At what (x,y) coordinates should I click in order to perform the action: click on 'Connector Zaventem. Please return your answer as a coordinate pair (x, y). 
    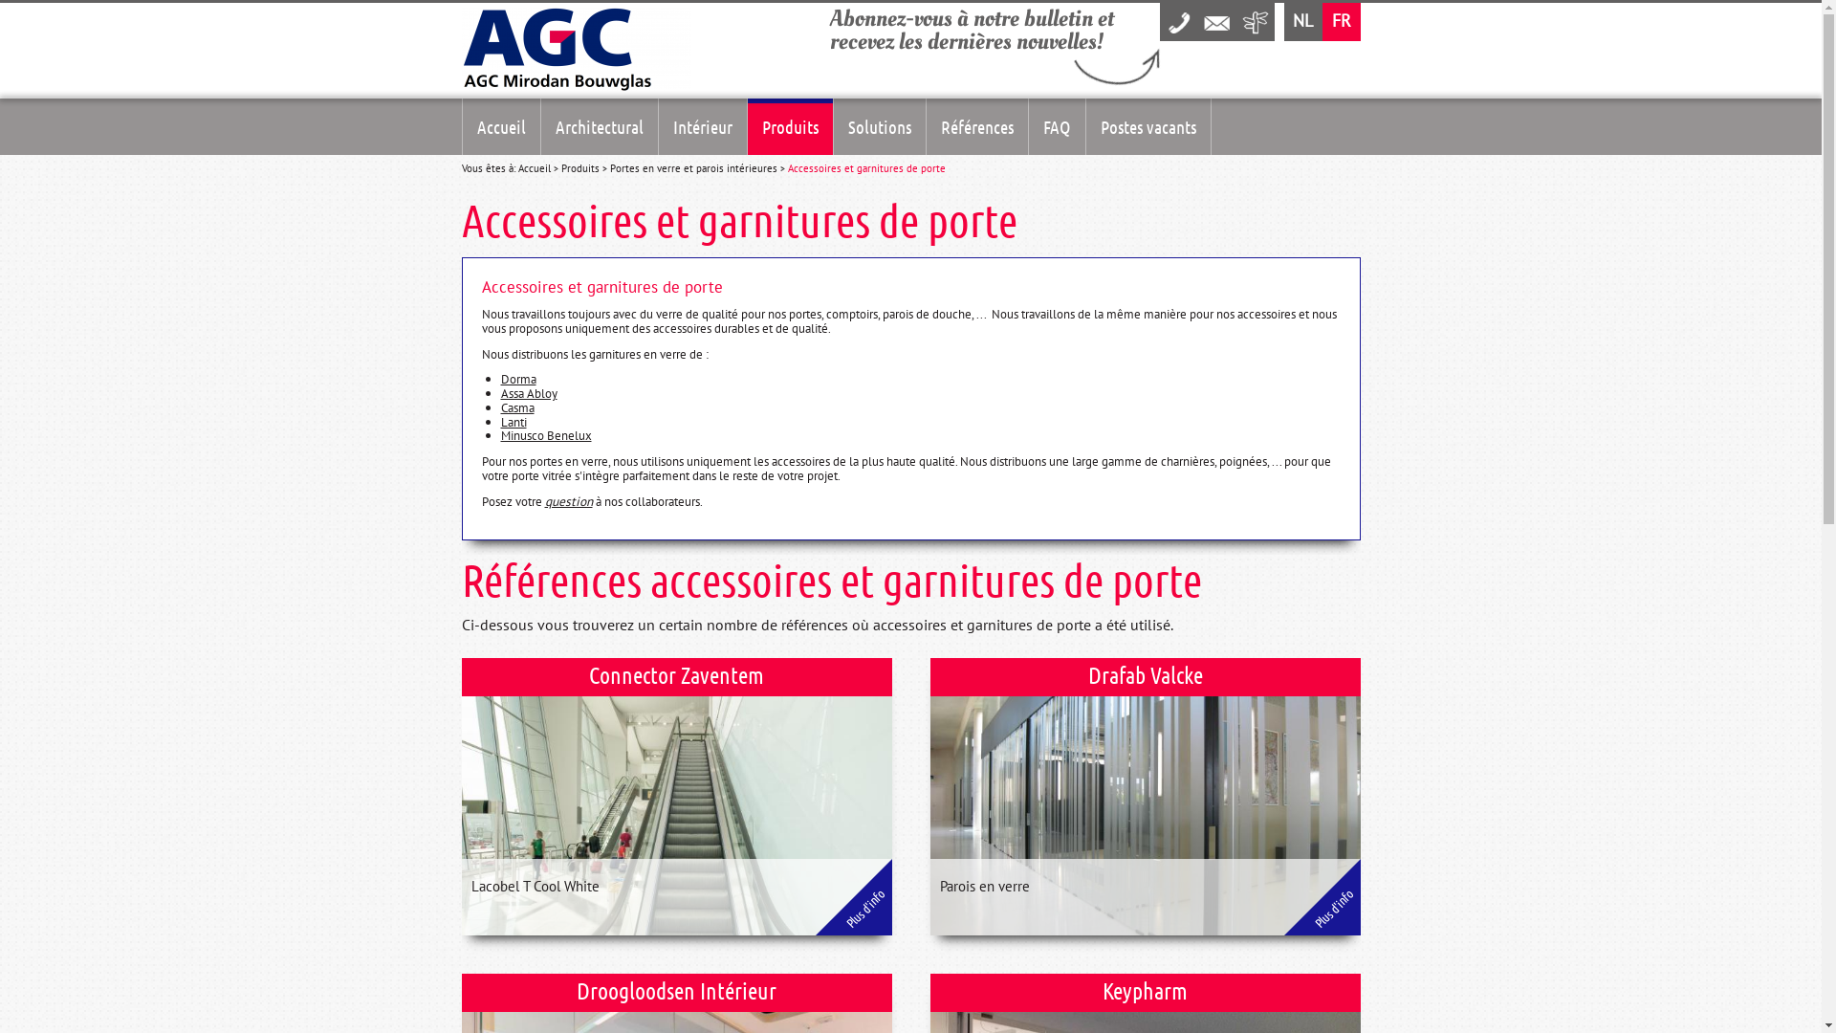
    Looking at the image, I should click on (675, 797).